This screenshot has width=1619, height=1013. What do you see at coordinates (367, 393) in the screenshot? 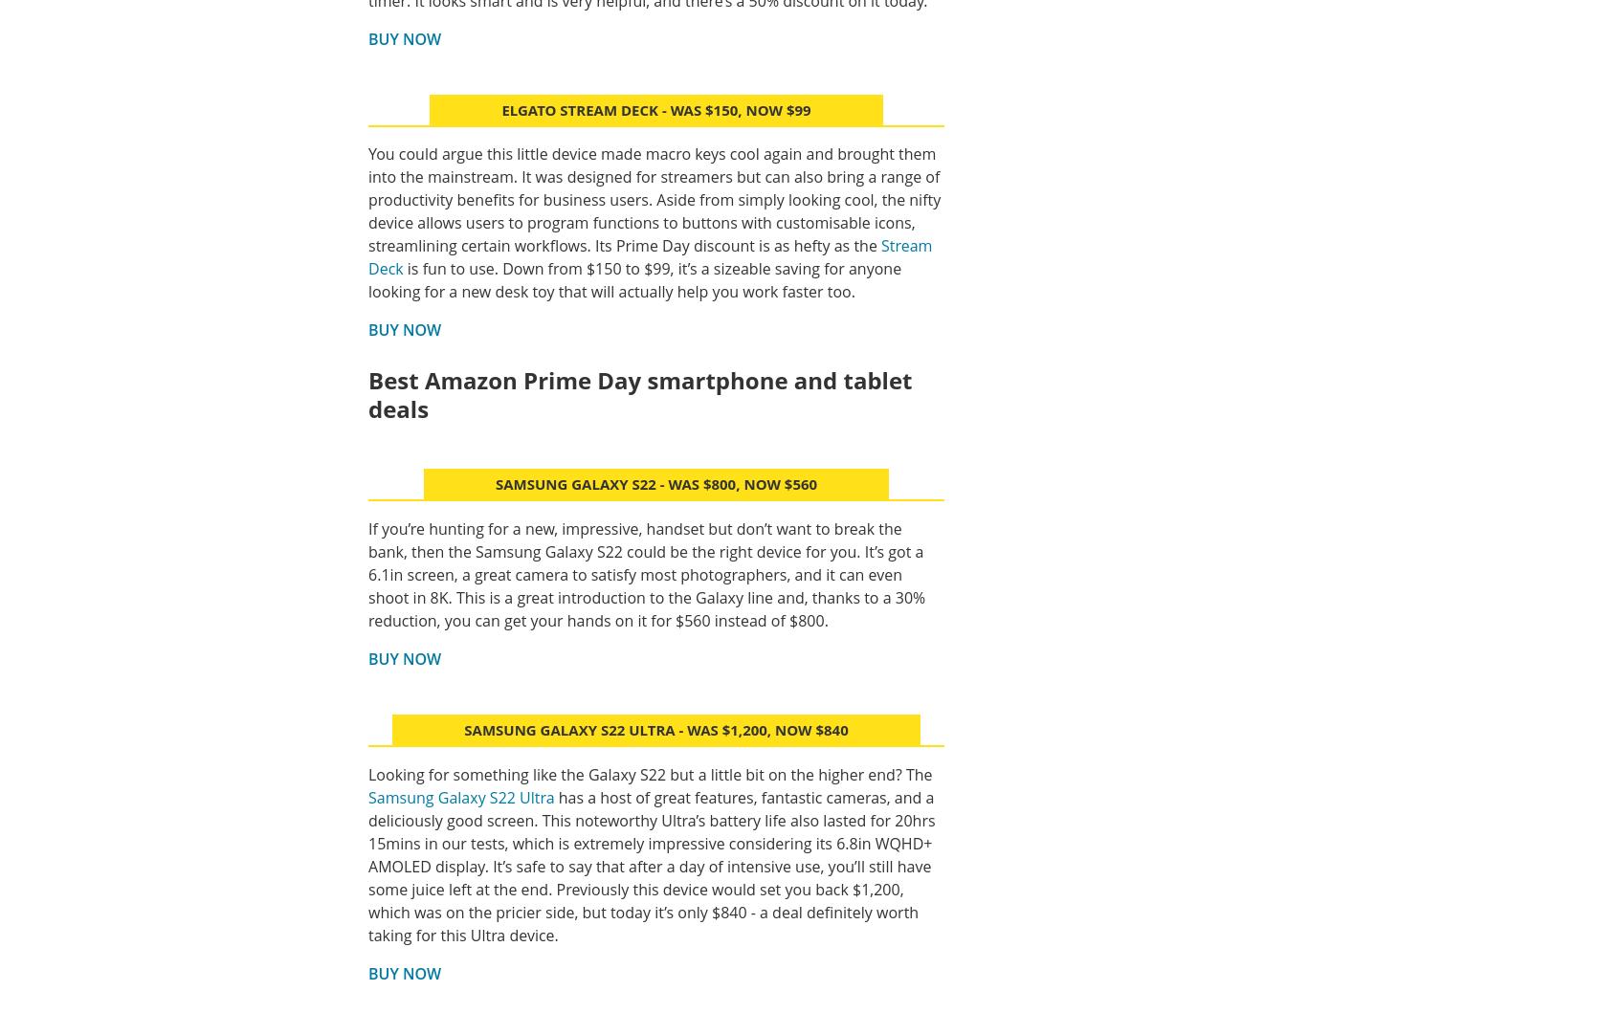
I see `'Best Amazon Prime Day smartphone and tablet deals'` at bounding box center [367, 393].